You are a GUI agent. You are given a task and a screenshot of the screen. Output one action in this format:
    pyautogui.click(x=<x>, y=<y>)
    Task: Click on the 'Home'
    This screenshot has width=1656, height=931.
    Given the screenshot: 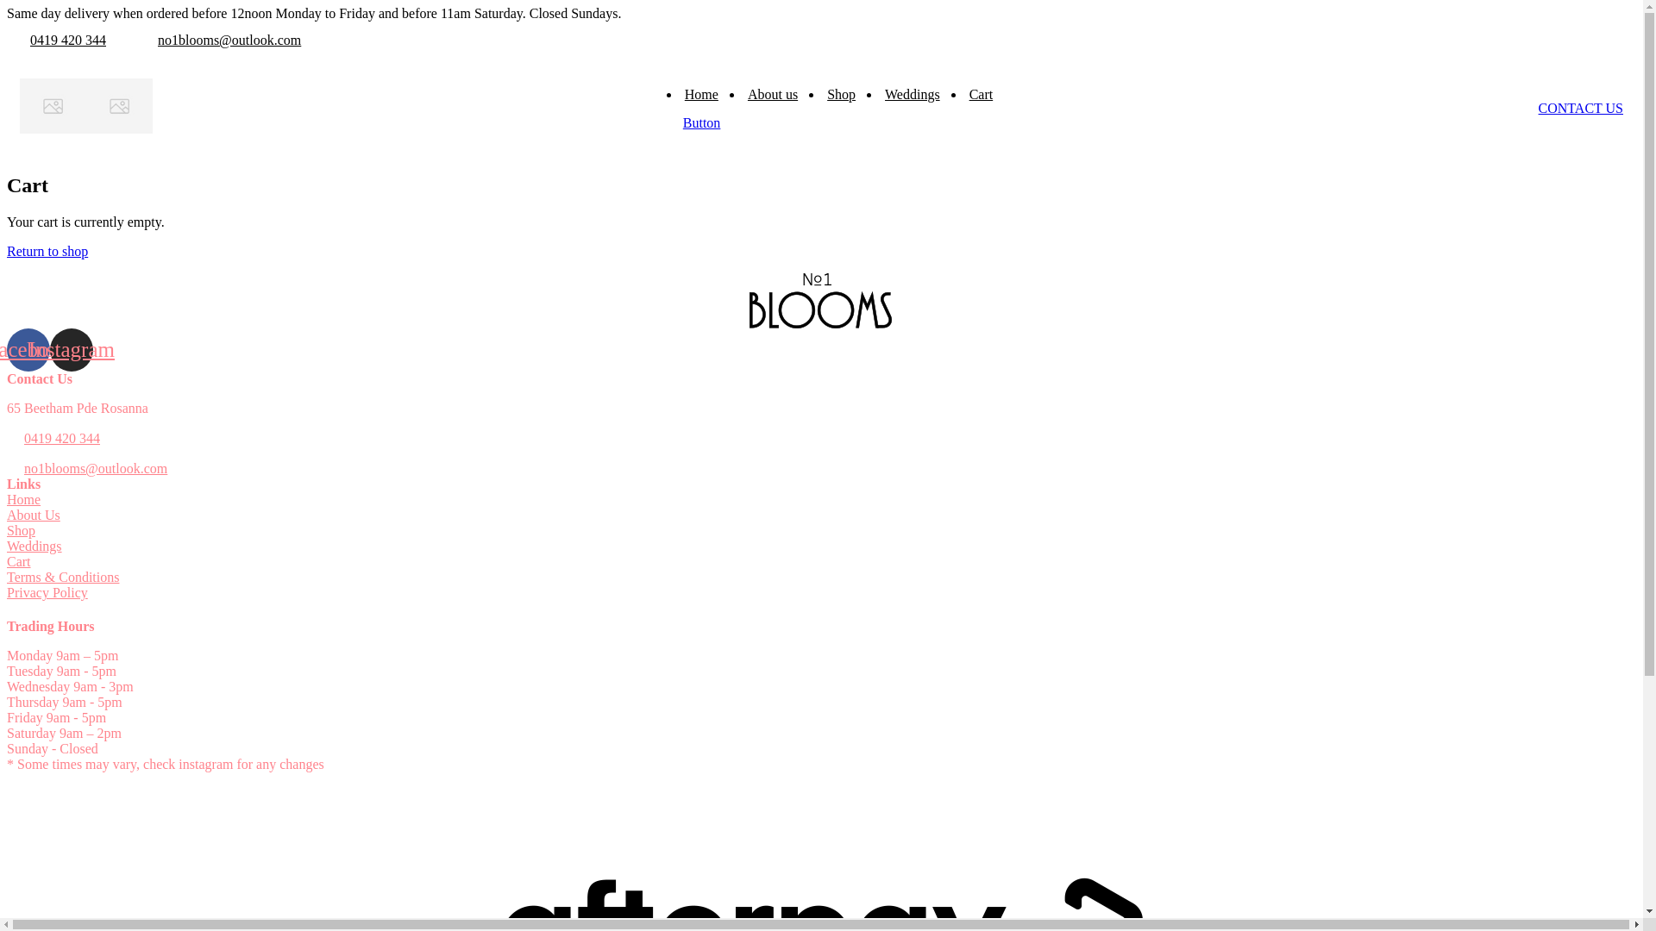 What is the action you would take?
    pyautogui.click(x=701, y=94)
    